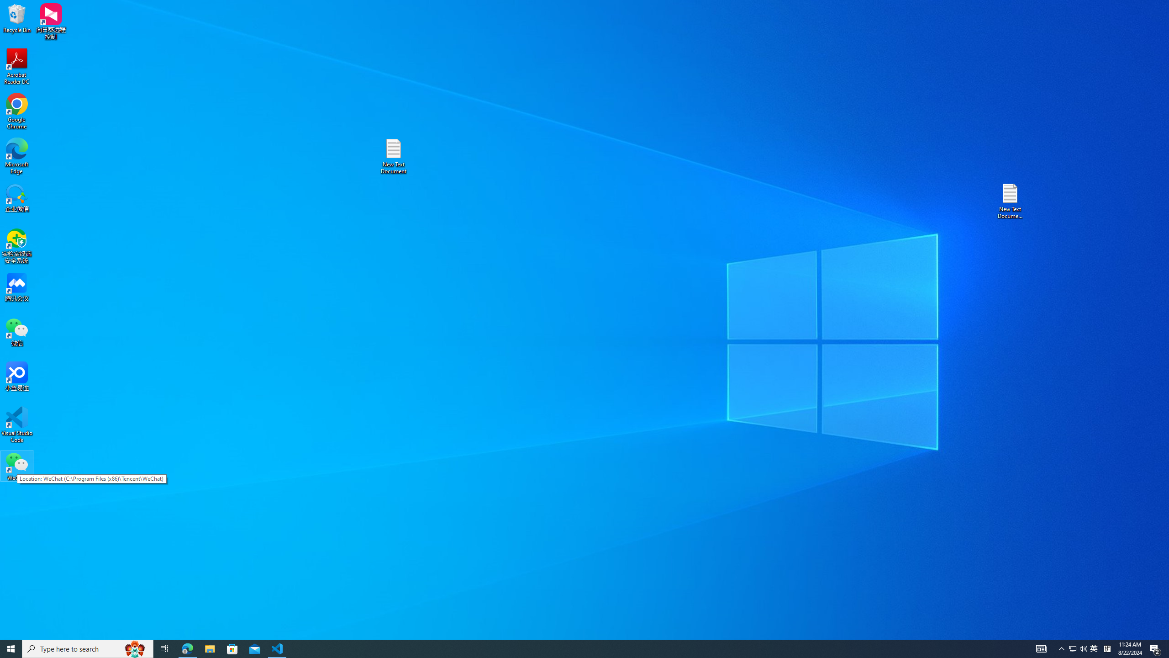 The width and height of the screenshot is (1169, 658). What do you see at coordinates (209, 648) in the screenshot?
I see `'File Explorer'` at bounding box center [209, 648].